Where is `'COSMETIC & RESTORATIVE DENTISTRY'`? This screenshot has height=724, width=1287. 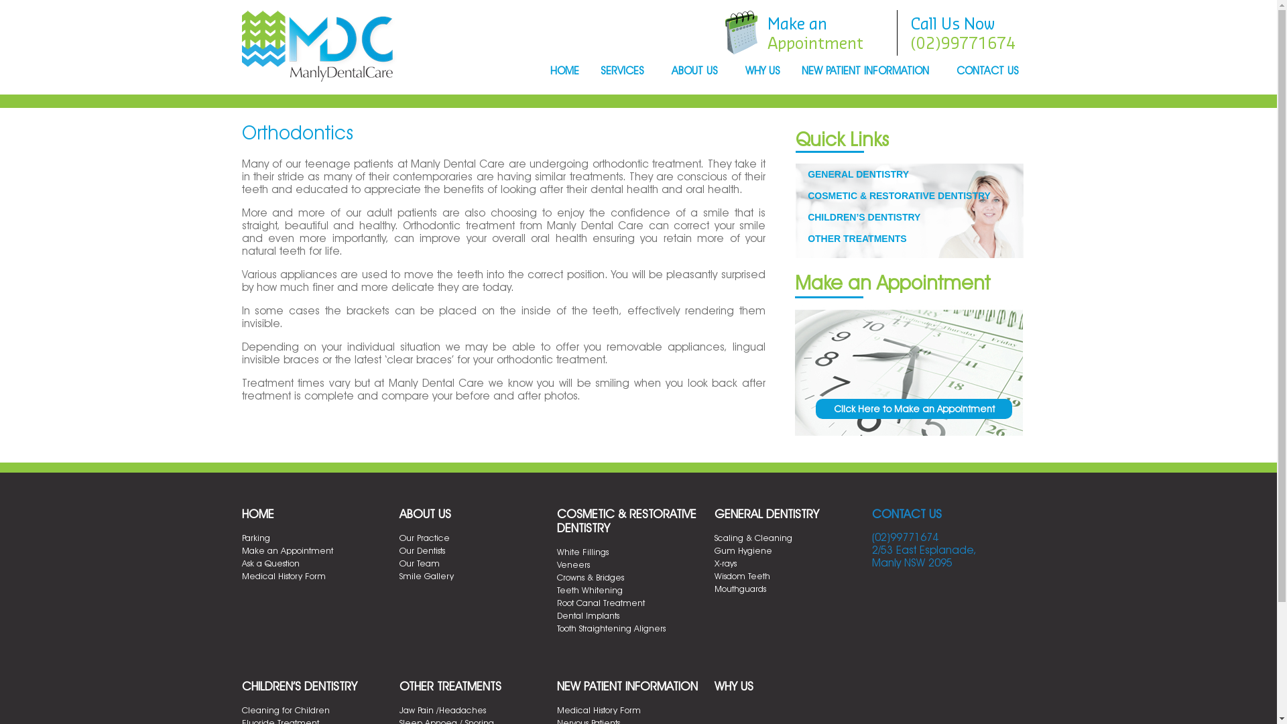 'COSMETIC & RESTORATIVE DENTISTRY' is located at coordinates (806, 196).